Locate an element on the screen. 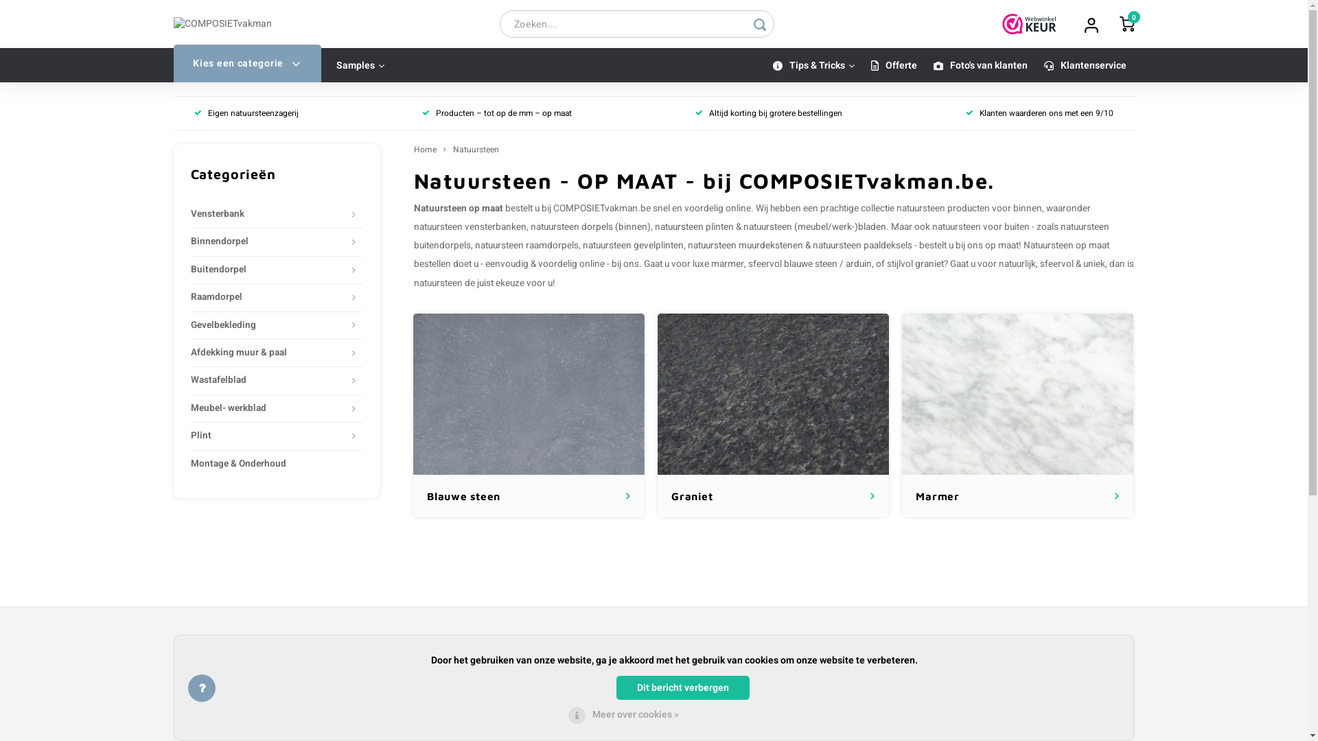 Image resolution: width=1318 pixels, height=741 pixels. 'natuursteen muurdekstenen' is located at coordinates (744, 245).